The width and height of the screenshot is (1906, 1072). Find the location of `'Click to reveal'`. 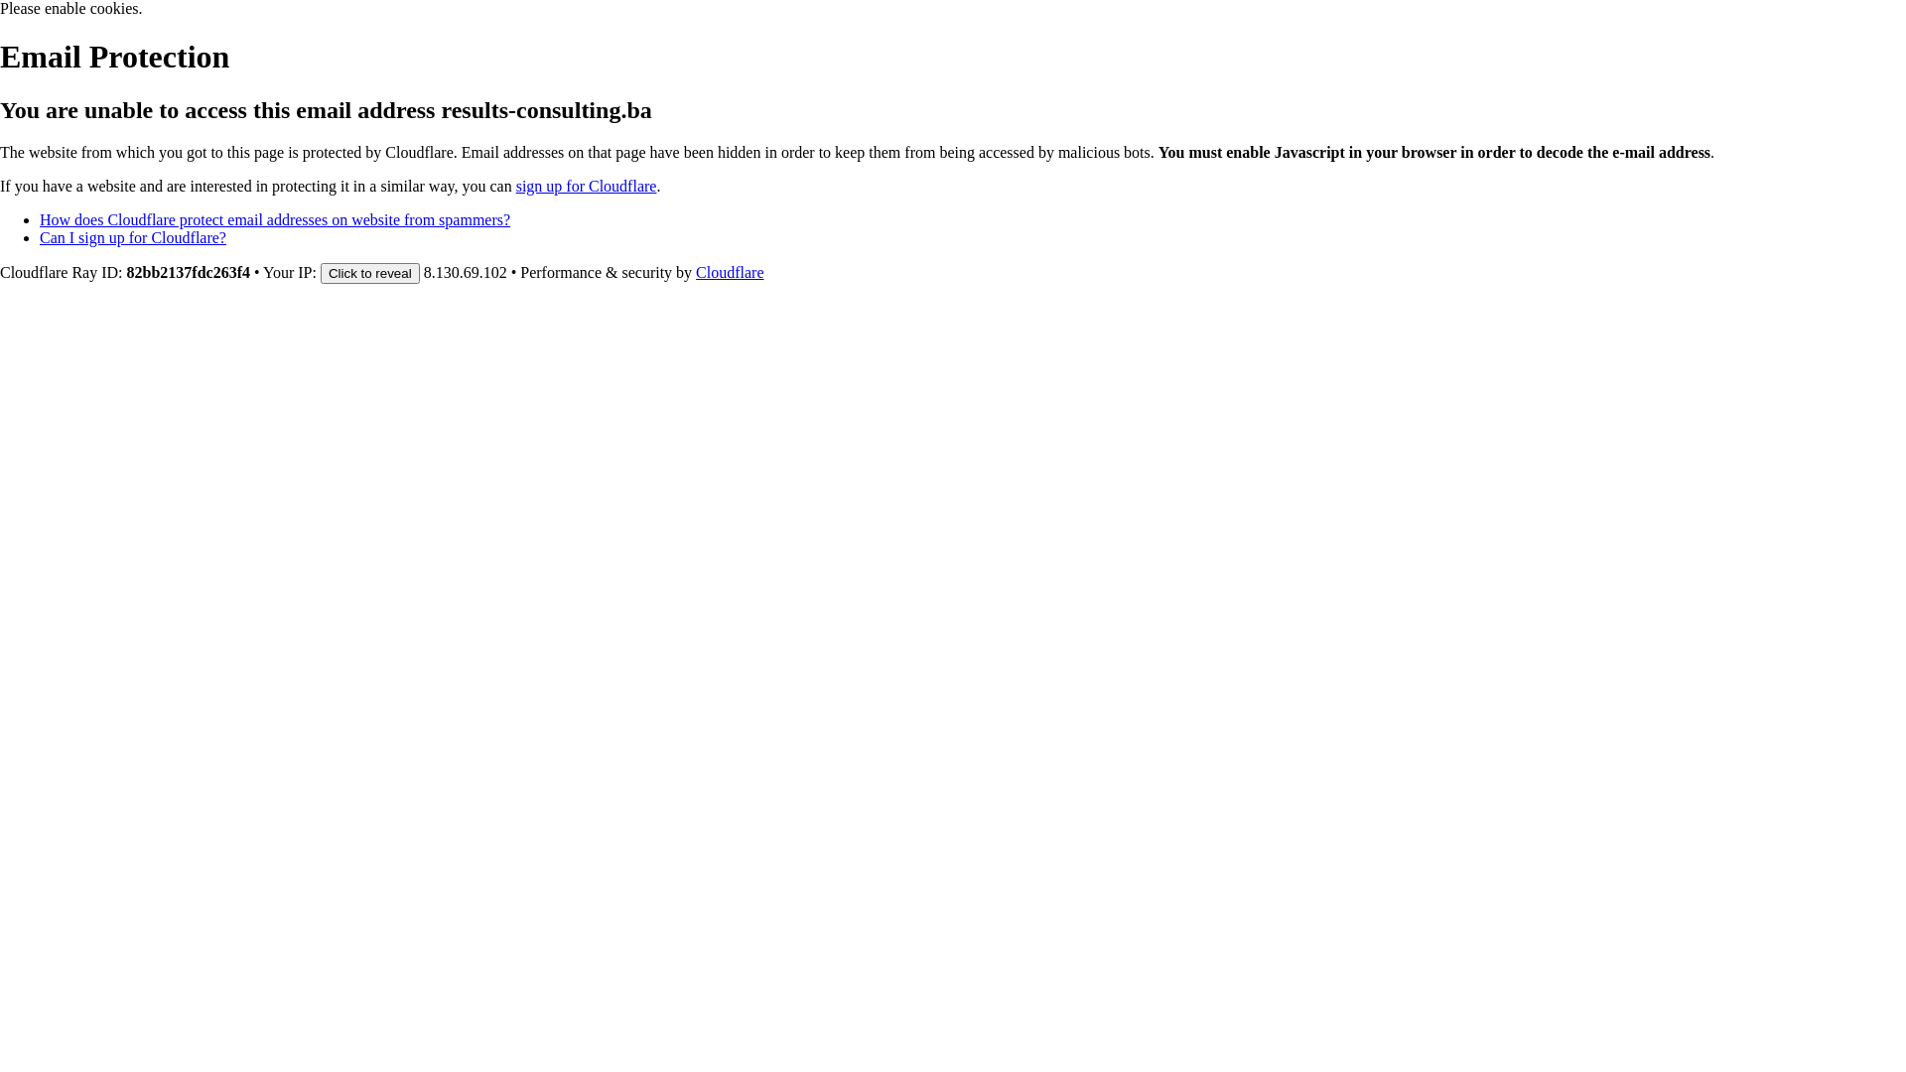

'Click to reveal' is located at coordinates (370, 273).